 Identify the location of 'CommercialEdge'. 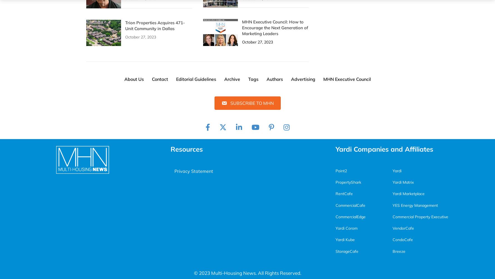
(350, 216).